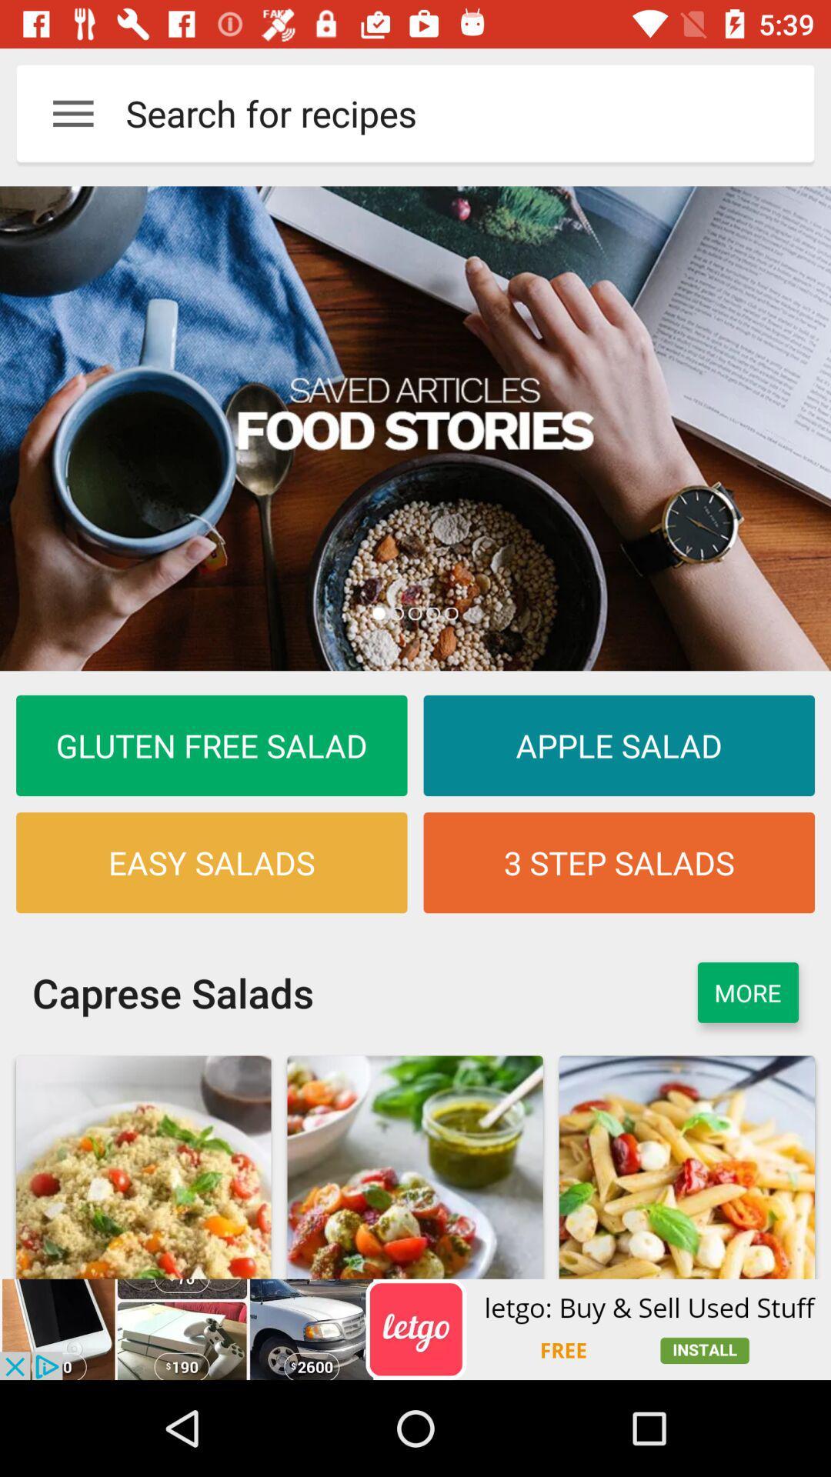 The width and height of the screenshot is (831, 1477). Describe the element at coordinates (415, 1329) in the screenshot. I see `click advertisements` at that location.